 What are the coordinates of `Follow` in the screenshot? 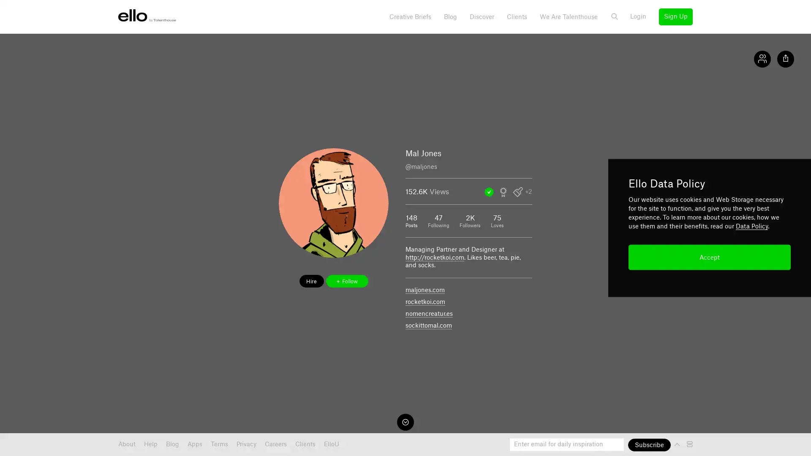 It's located at (346, 281).